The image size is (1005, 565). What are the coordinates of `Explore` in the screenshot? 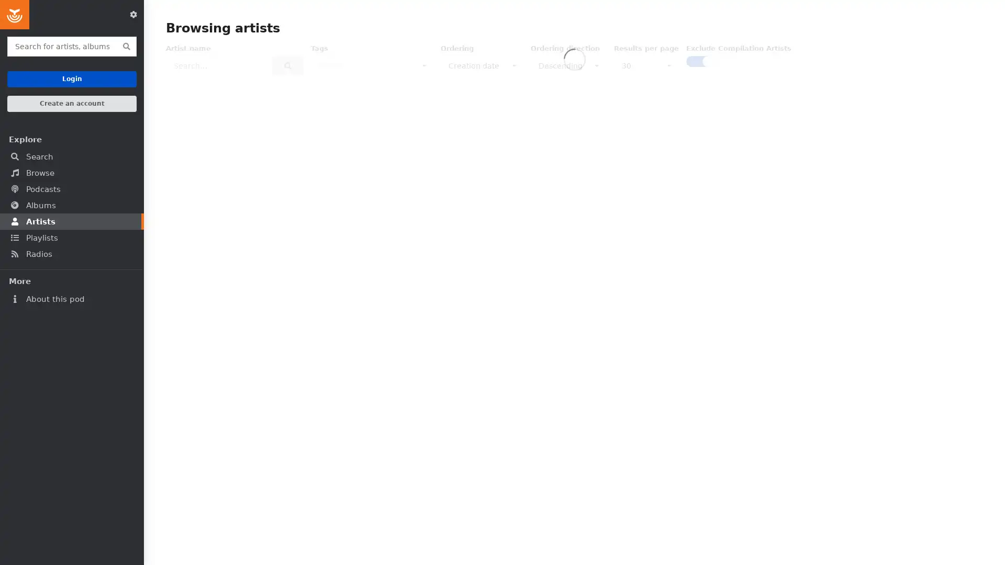 It's located at (71, 139).